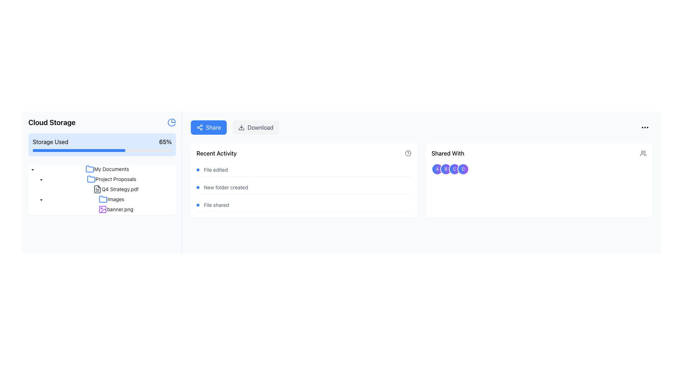 This screenshot has height=388, width=690. I want to click on to select the Tree node representing the 'Project Proposals' directory, which is located under 'My Documents' in the 'Cloud Storage' section, so click(111, 179).